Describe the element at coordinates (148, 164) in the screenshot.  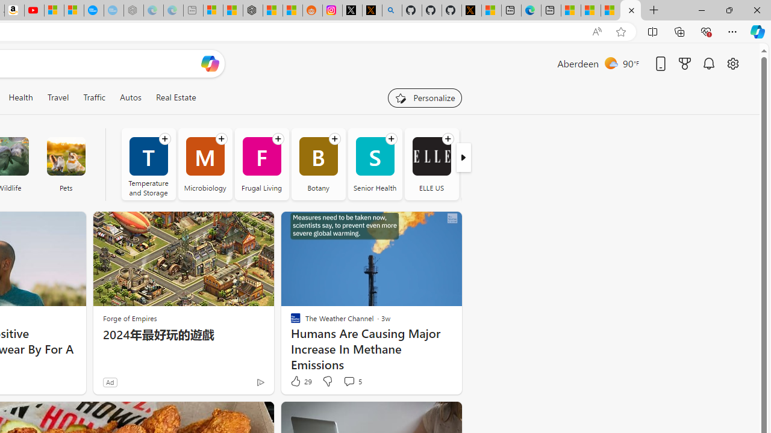
I see `'Temperature and Storage'` at that location.